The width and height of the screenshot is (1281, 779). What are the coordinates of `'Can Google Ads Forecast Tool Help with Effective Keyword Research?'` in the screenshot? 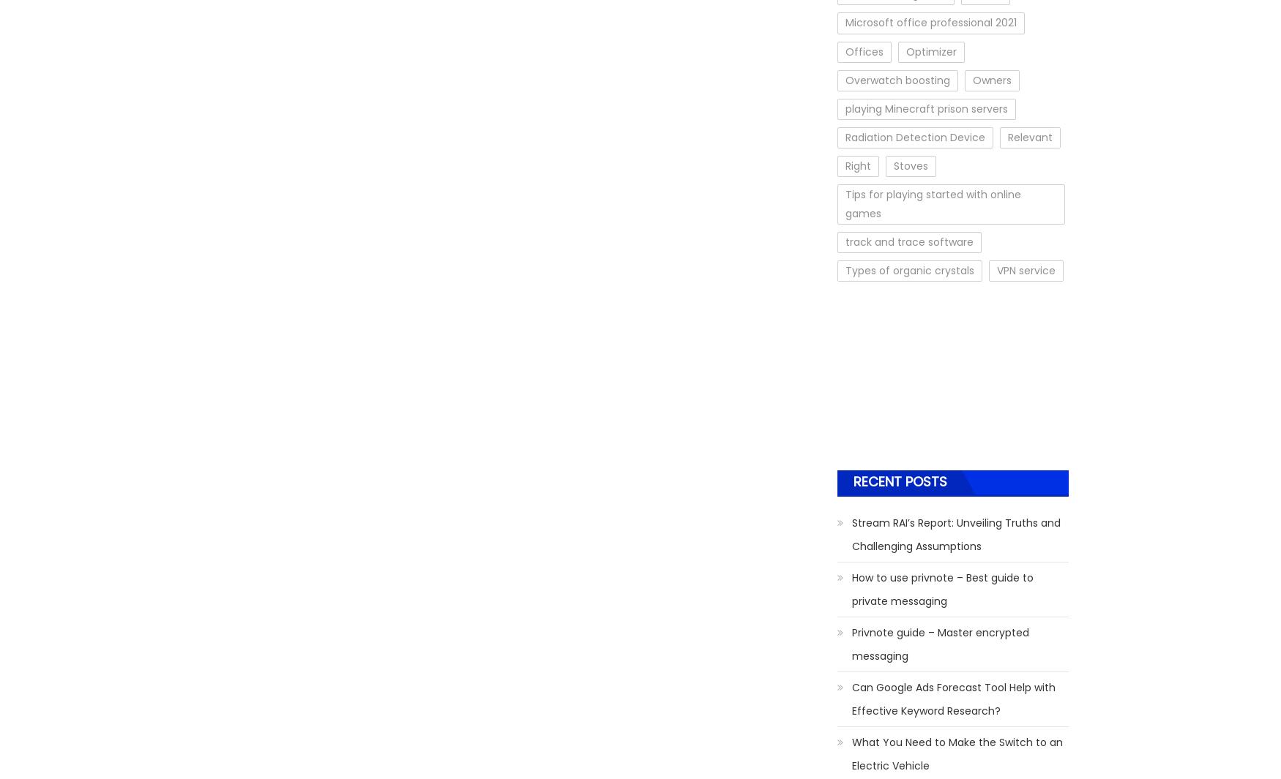 It's located at (953, 698).